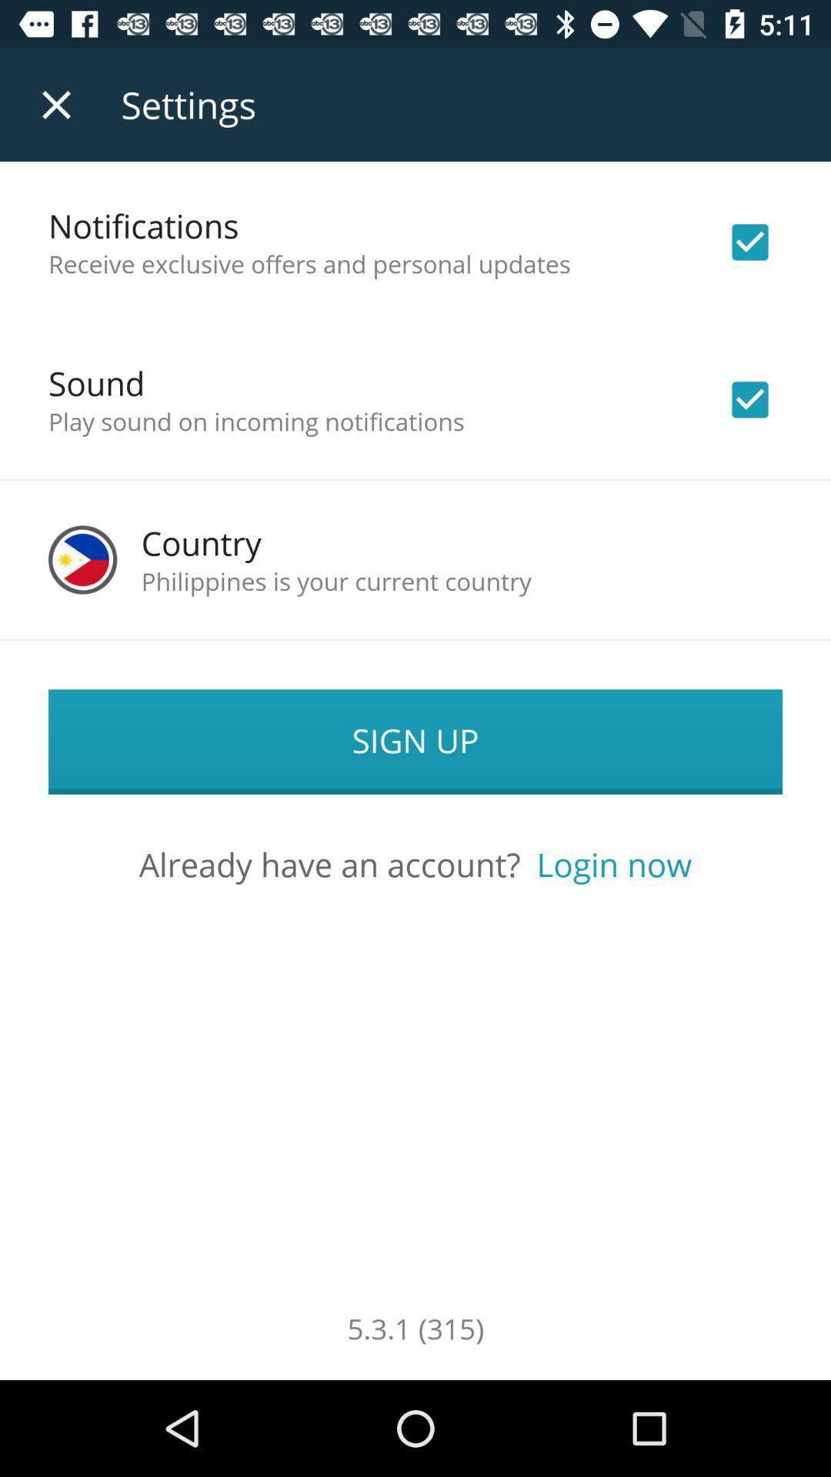 This screenshot has width=831, height=1477. I want to click on item below the sign up, so click(613, 864).